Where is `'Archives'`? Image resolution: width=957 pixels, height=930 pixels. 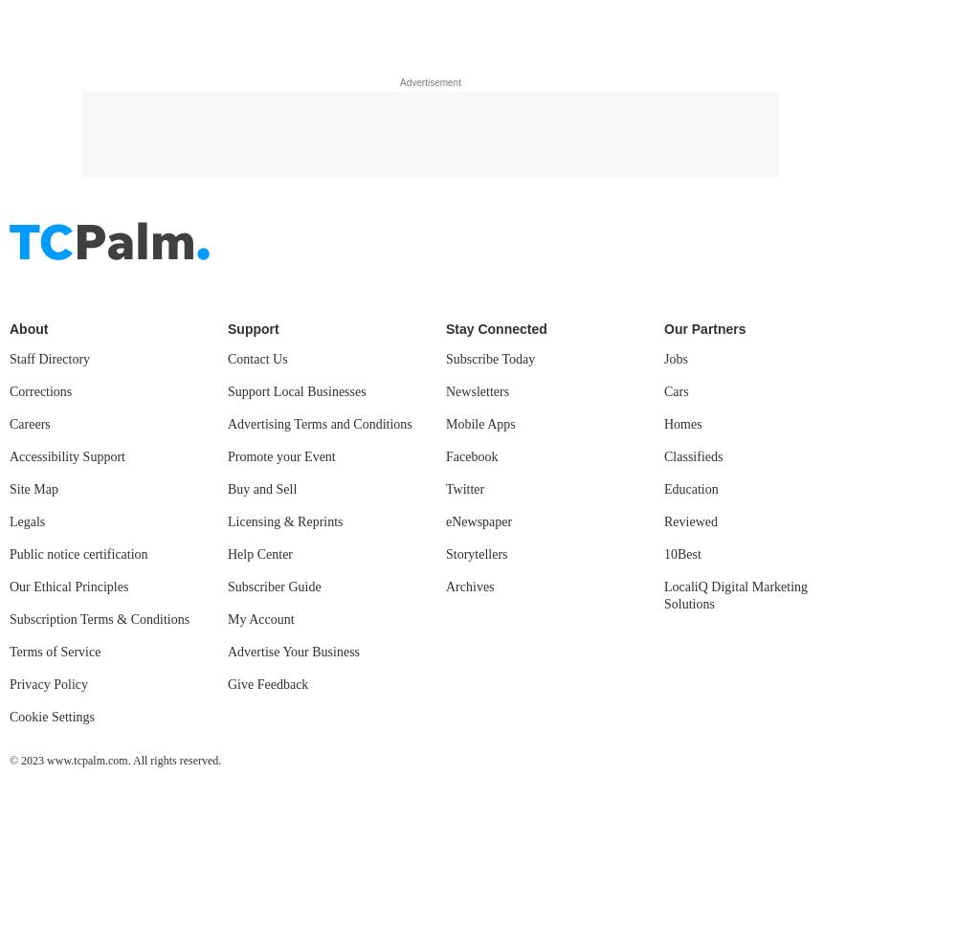 'Archives' is located at coordinates (445, 51).